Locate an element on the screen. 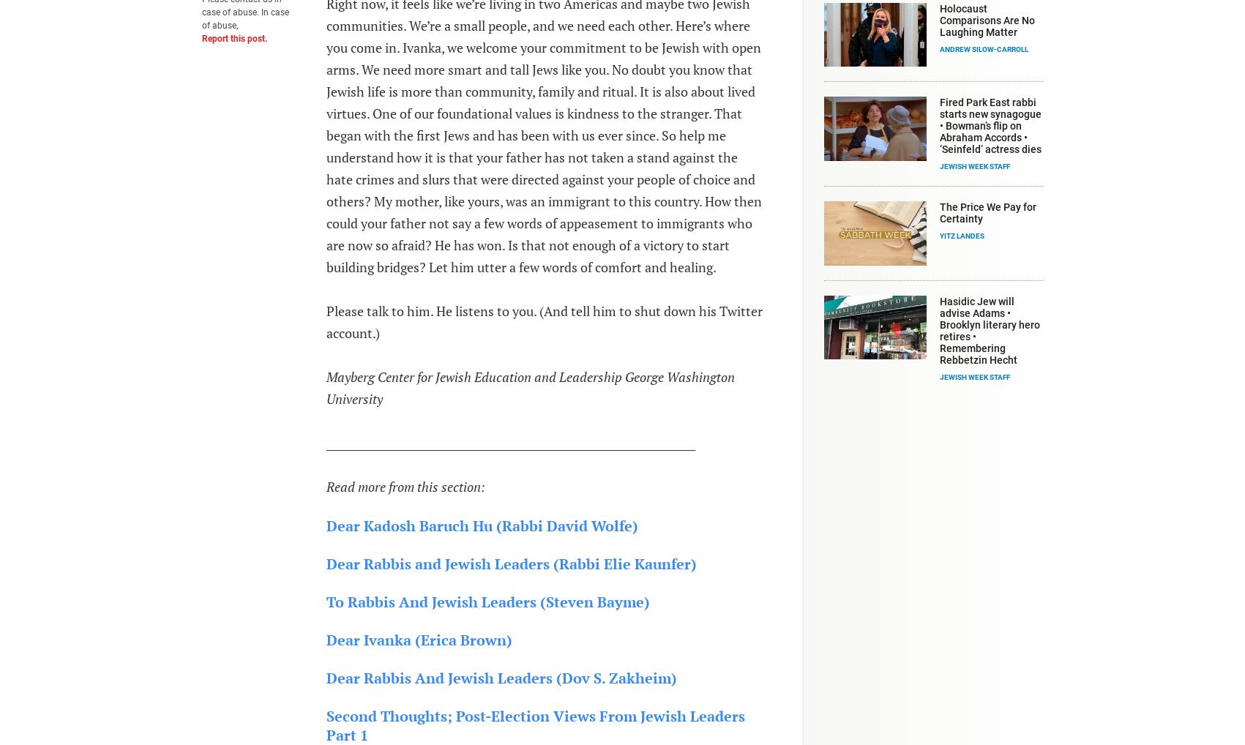 The width and height of the screenshot is (1245, 745). 'Dear Rabbis and Jewish Leaders (Rabbi Elie Kaunfer)' is located at coordinates (509, 564).